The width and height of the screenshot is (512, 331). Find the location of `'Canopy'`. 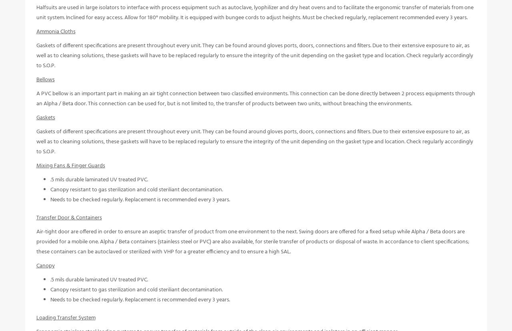

'Canopy' is located at coordinates (45, 271).